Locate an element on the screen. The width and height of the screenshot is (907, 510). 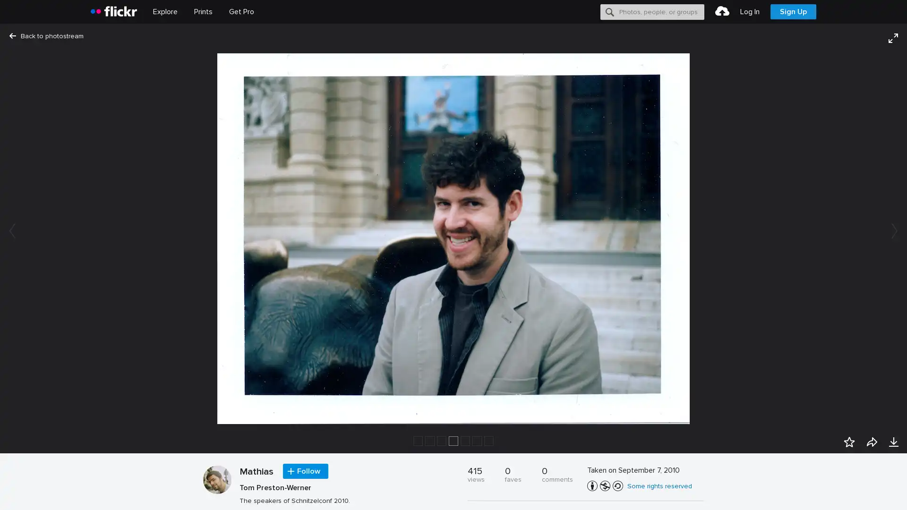
Accept is located at coordinates (720, 492).